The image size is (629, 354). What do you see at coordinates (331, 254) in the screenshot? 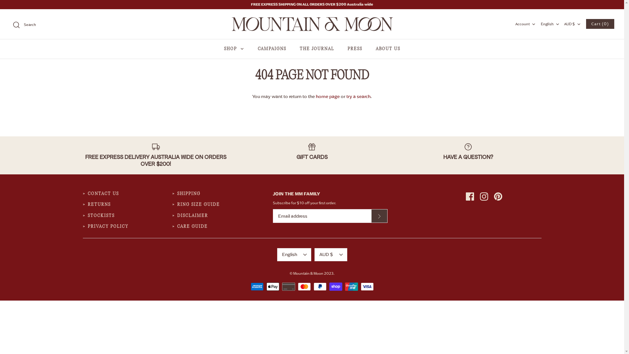
I see `'AUD $` at bounding box center [331, 254].